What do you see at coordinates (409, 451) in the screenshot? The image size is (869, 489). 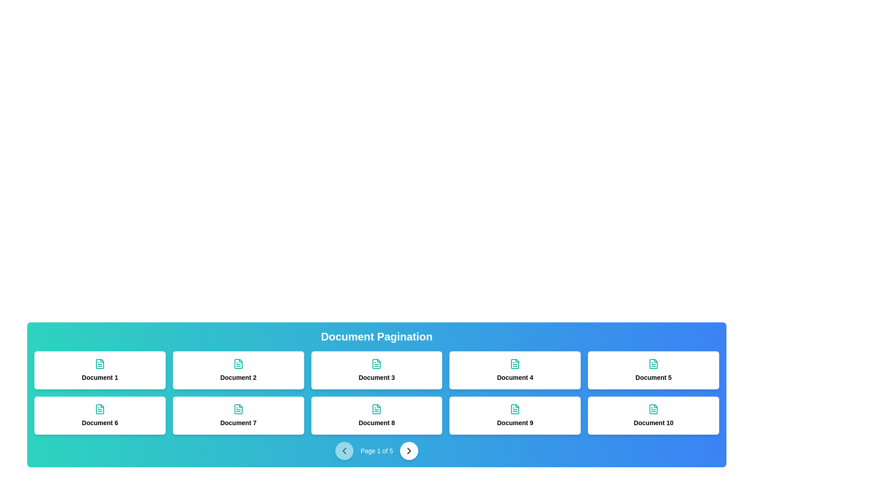 I see `the right-pointing chevron button with a dark gray SVG icon, located within a circular white background` at bounding box center [409, 451].